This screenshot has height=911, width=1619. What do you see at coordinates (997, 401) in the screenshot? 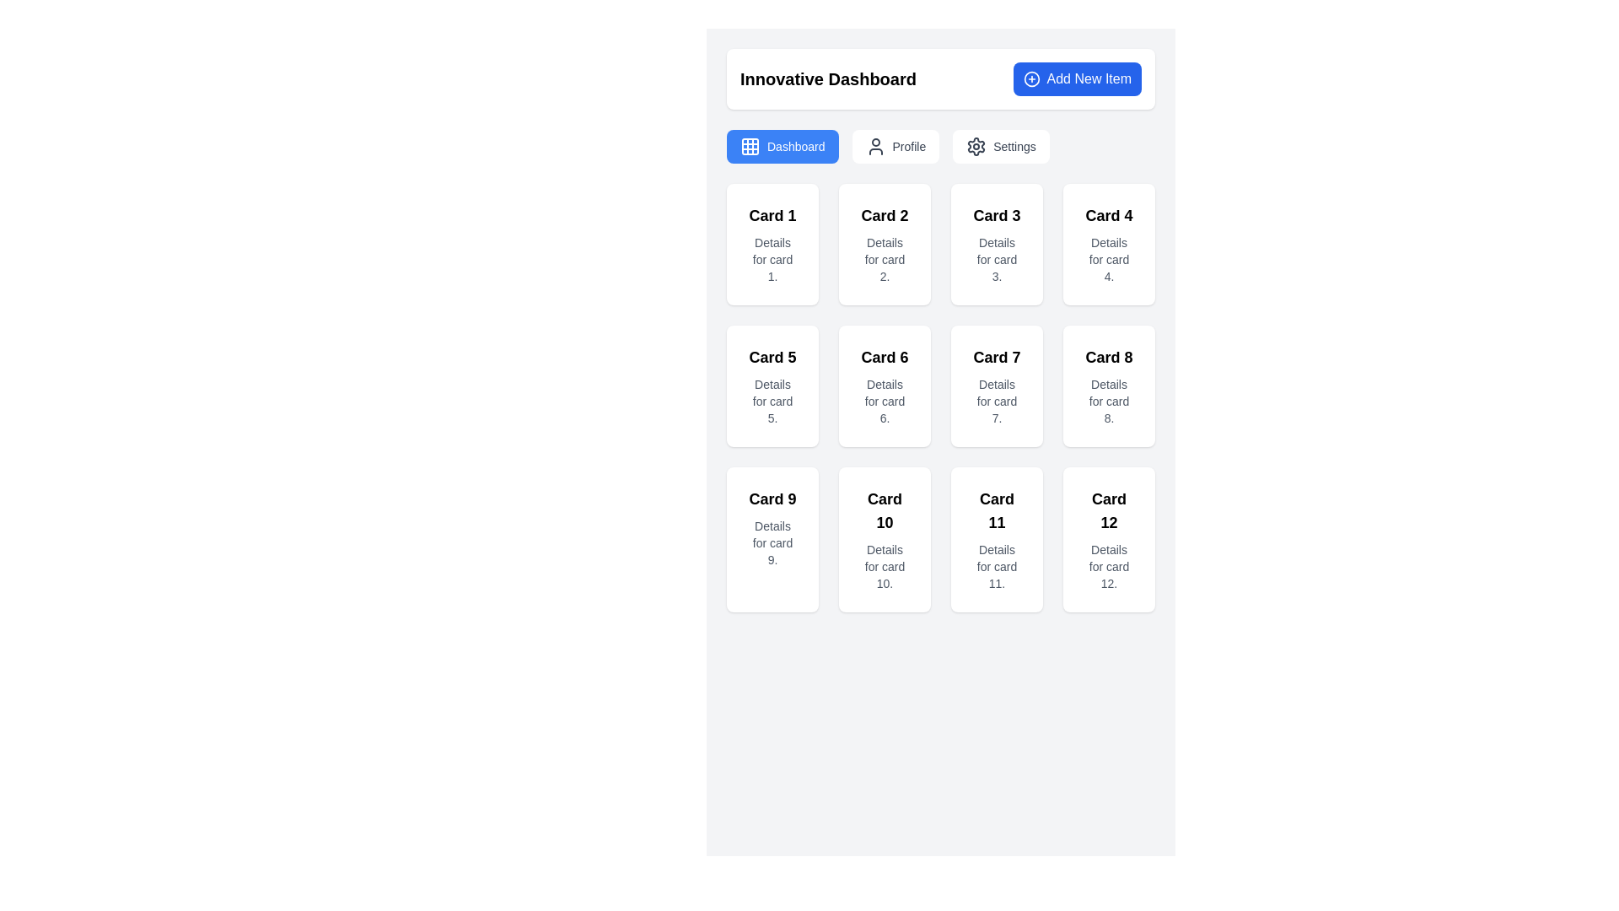
I see `the static text label providing additional descriptive information about 'Card 7', which is located below the title text within the card on the dashboard interface` at bounding box center [997, 401].